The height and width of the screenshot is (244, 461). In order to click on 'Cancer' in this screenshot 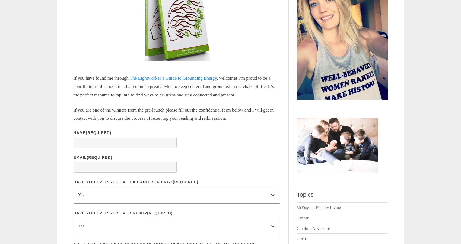, I will do `click(302, 217)`.